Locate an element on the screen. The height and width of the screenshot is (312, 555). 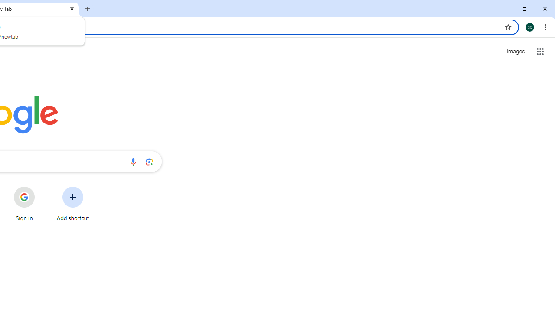
'Sign in' is located at coordinates (24, 204).